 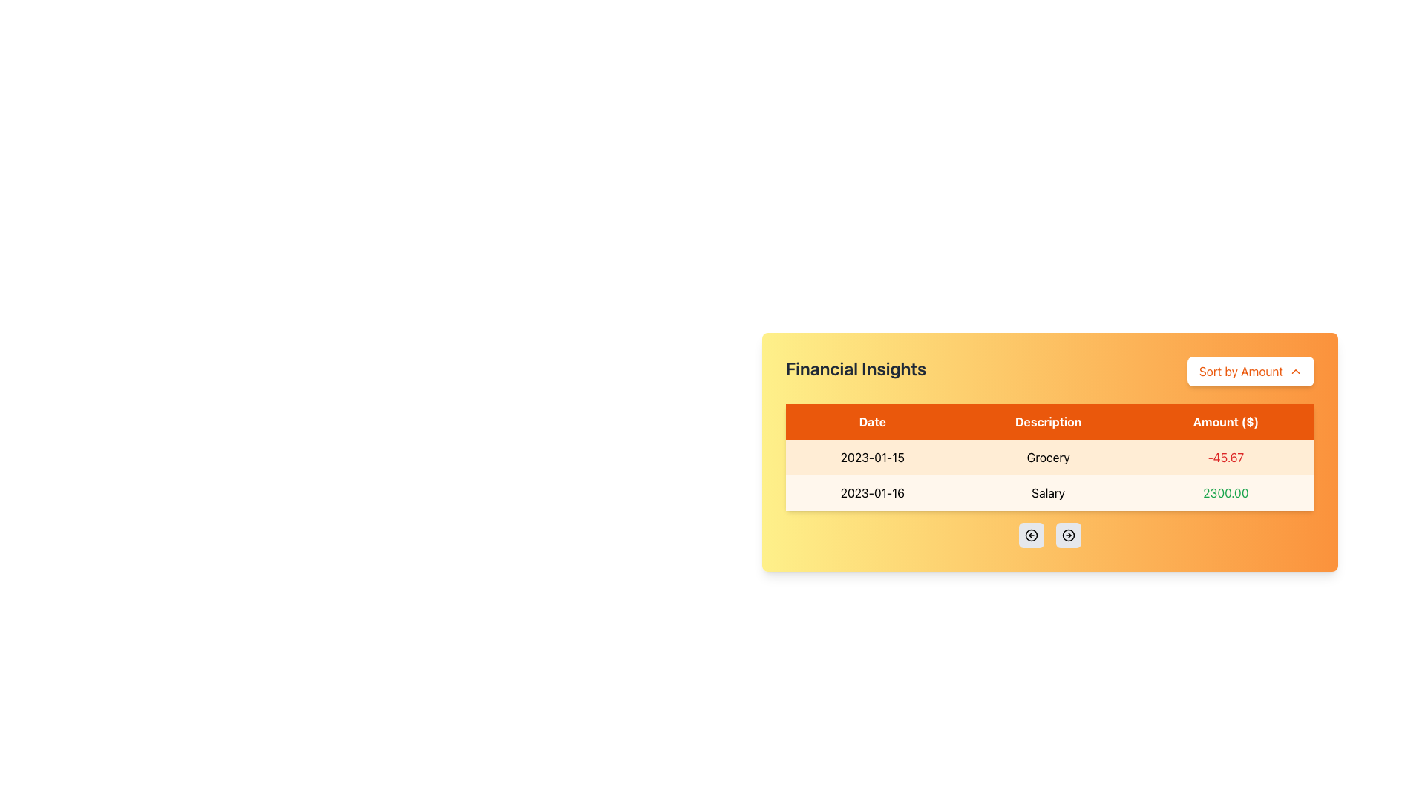 What do you see at coordinates (1295, 371) in the screenshot?
I see `the chevron icon indicating ascending order for sorting, located to the right of the 'Sort by Amount' text in the button near the top-right corner of the interface` at bounding box center [1295, 371].